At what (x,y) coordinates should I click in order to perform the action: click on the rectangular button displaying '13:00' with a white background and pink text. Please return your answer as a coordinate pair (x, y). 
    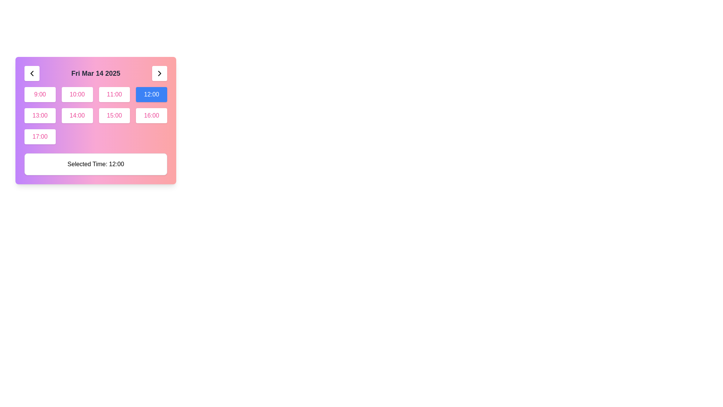
    Looking at the image, I should click on (40, 116).